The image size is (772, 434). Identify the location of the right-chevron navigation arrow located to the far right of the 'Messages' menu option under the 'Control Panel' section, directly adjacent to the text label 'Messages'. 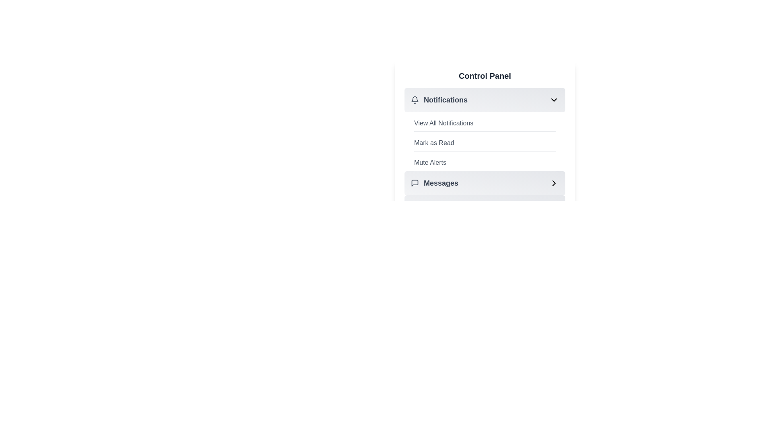
(553, 183).